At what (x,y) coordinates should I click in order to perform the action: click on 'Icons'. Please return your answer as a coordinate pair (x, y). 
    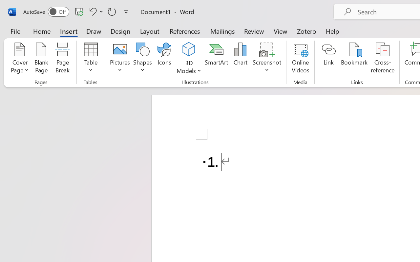
    Looking at the image, I should click on (164, 59).